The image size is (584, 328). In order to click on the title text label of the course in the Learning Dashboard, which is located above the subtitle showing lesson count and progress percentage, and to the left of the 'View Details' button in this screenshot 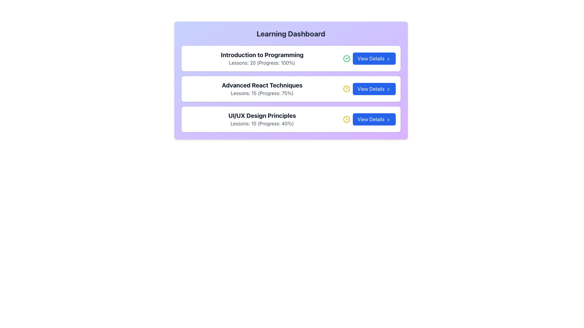, I will do `click(262, 116)`.